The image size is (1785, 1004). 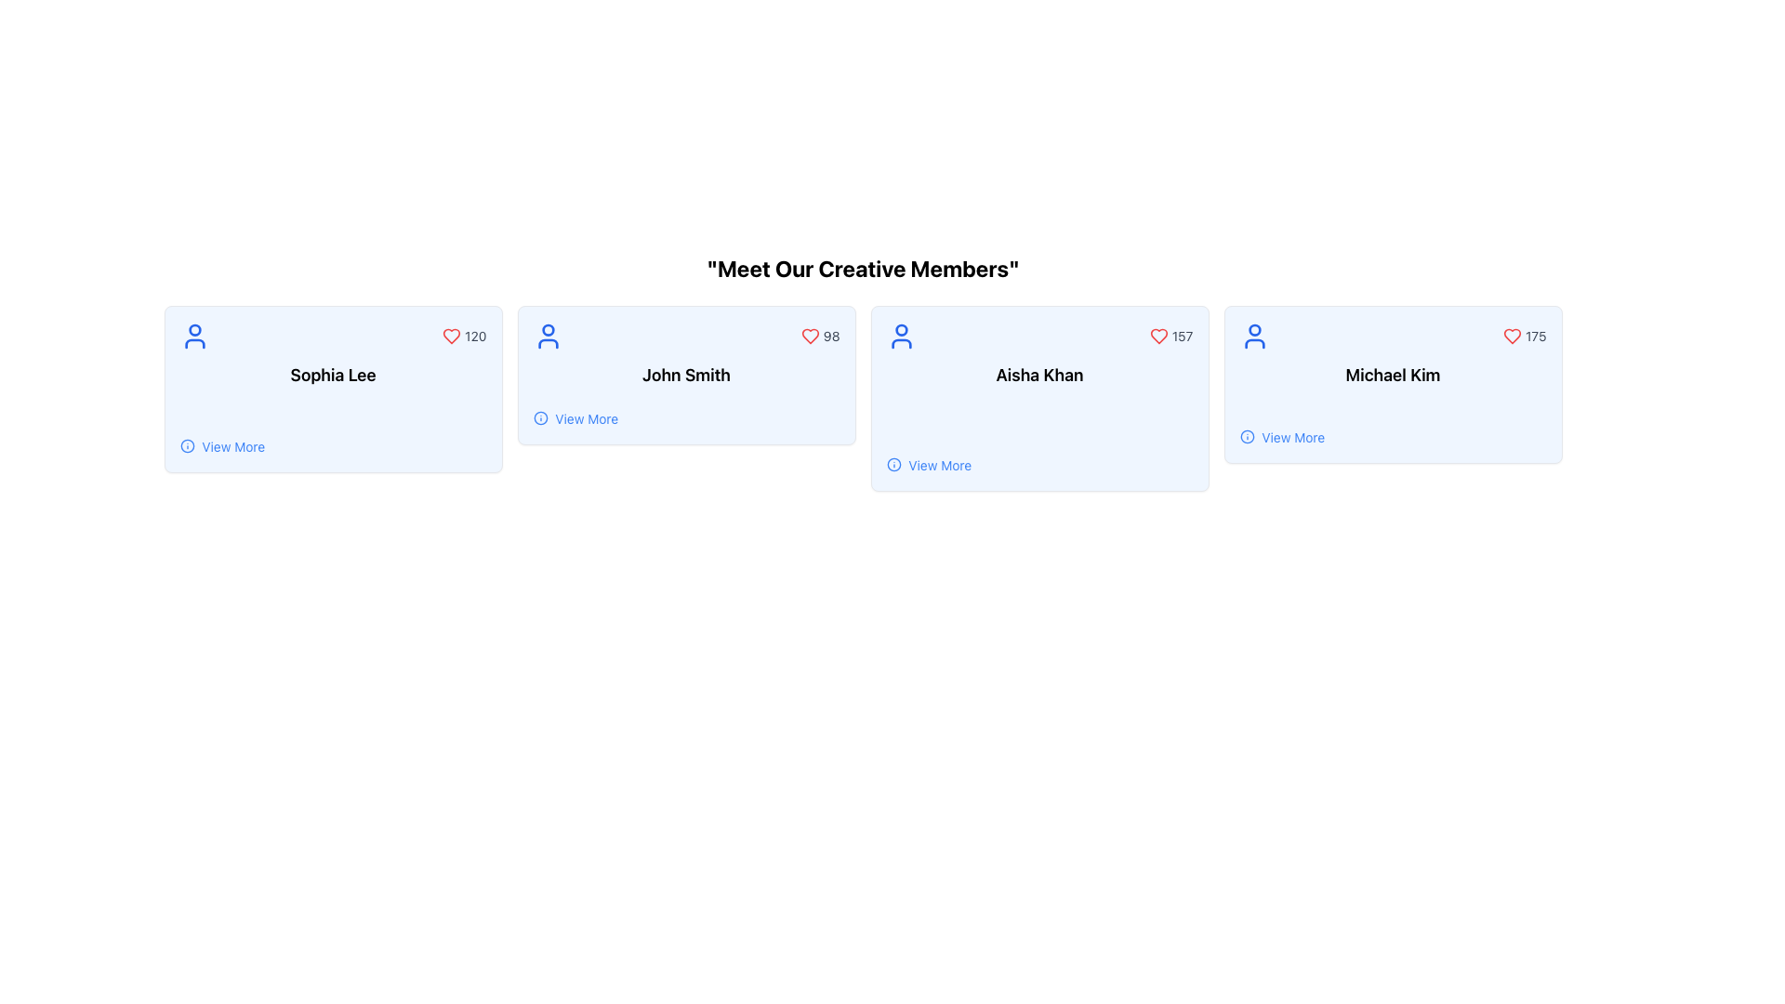 What do you see at coordinates (830, 337) in the screenshot?
I see `the displayed number of likes on the 'John Smith' card, which is represented by the Text Label showing '98' in the top-right corner of the card` at bounding box center [830, 337].